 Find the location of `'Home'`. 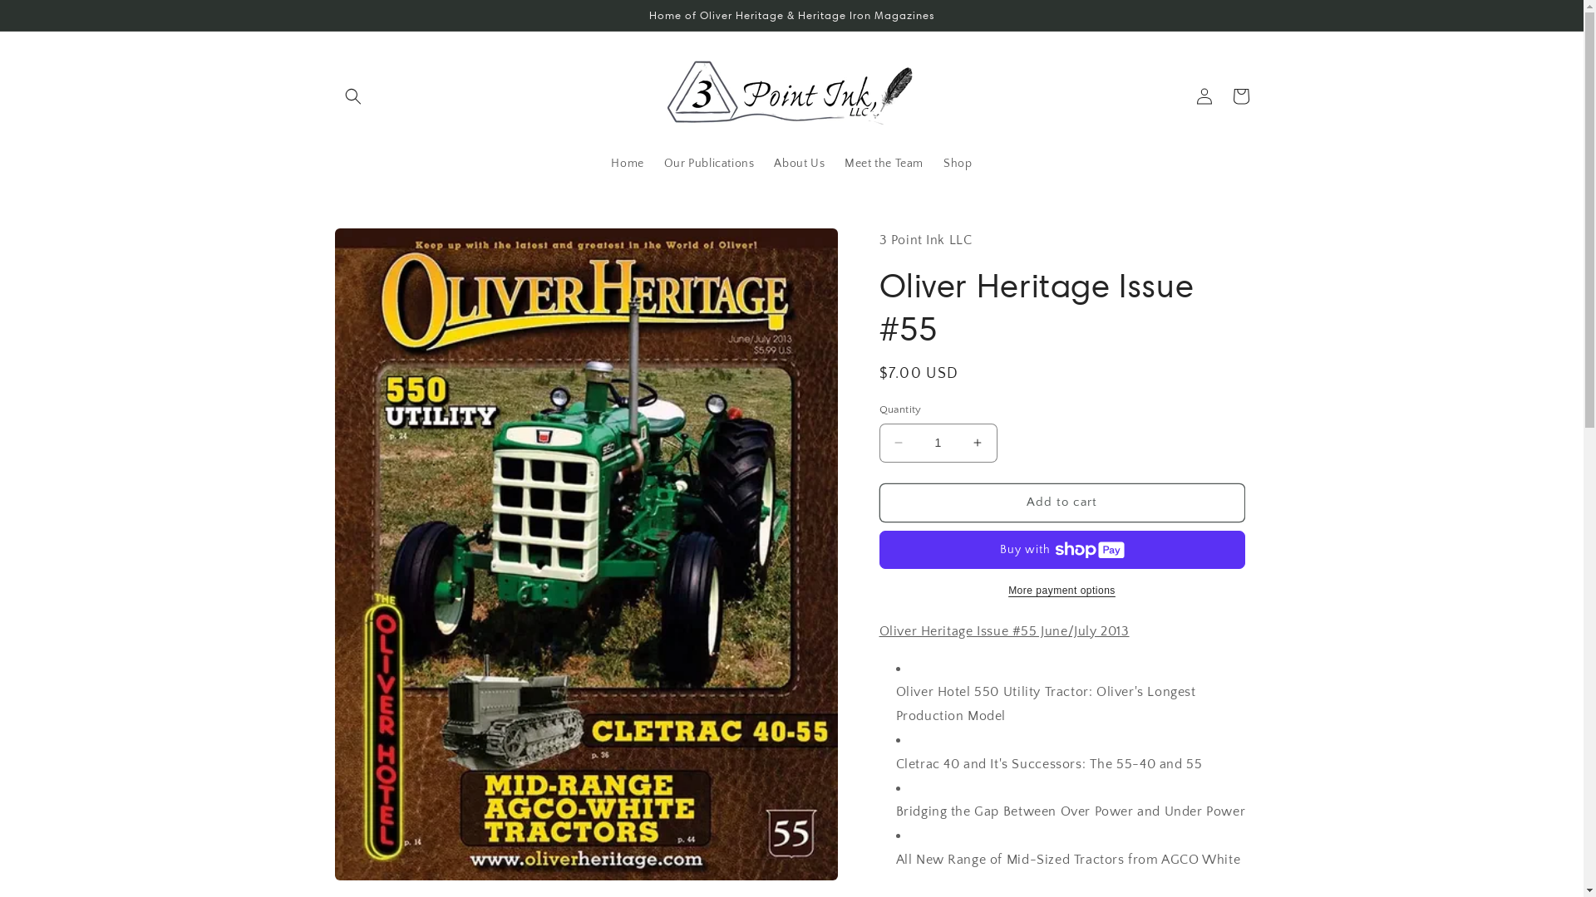

'Home' is located at coordinates (600, 163).